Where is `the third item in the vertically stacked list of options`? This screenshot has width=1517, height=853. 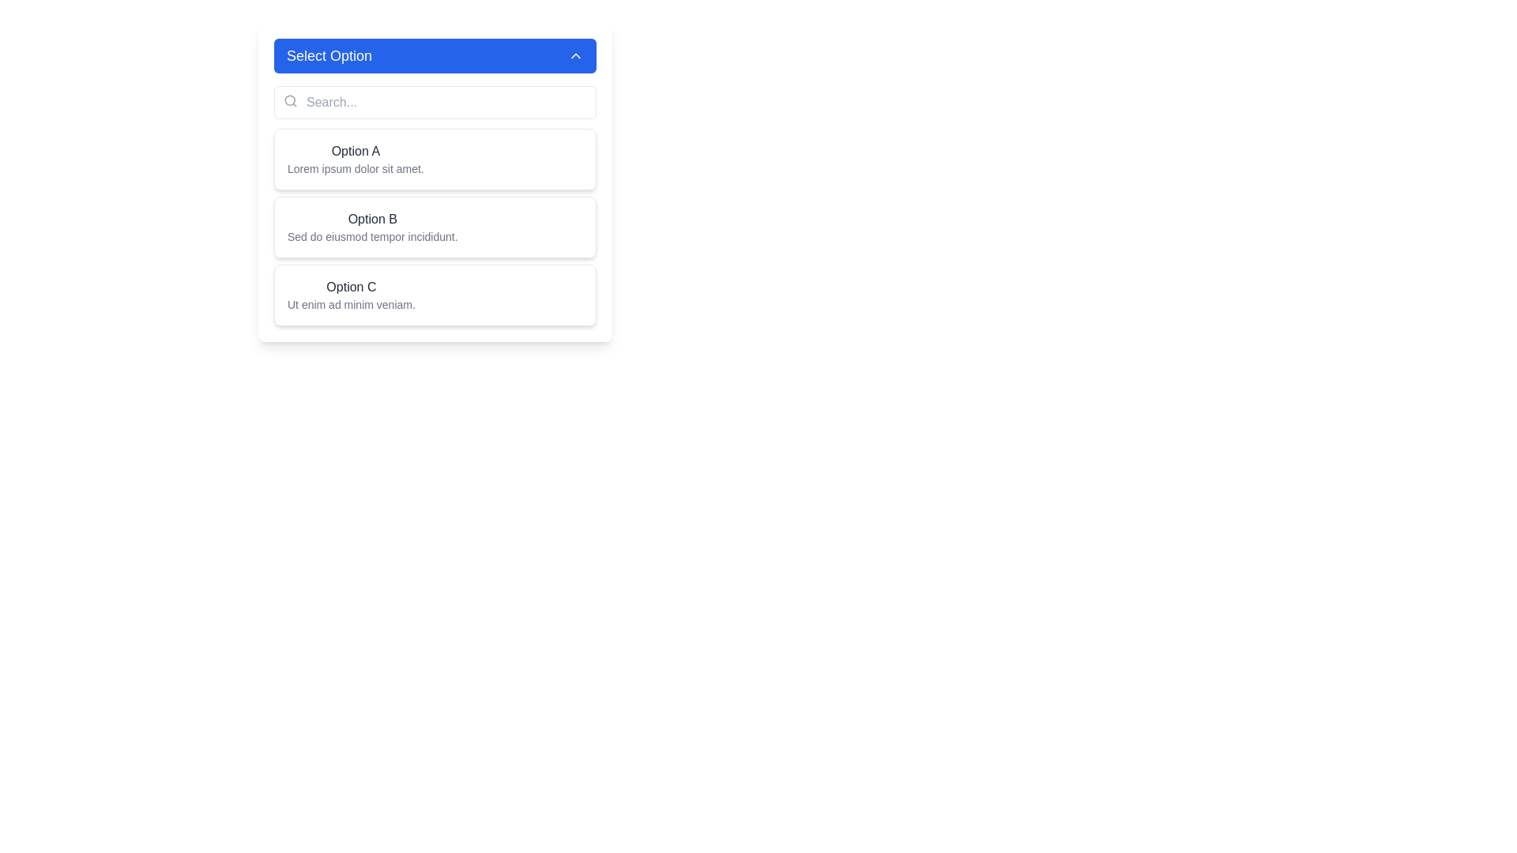 the third item in the vertically stacked list of options is located at coordinates (350, 295).